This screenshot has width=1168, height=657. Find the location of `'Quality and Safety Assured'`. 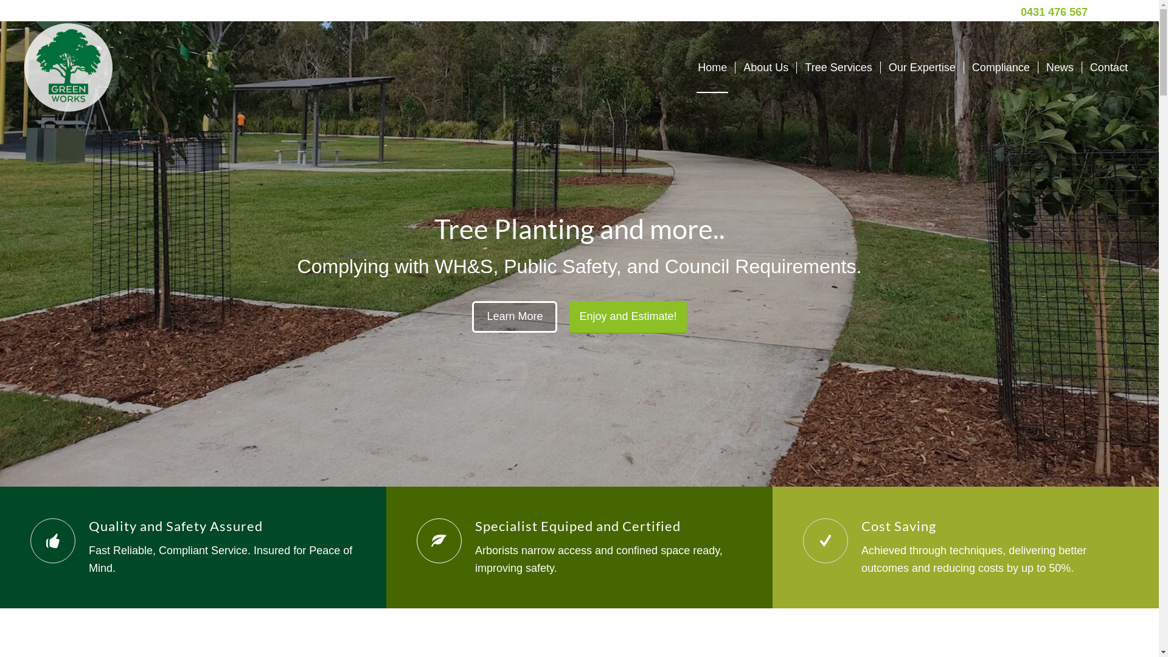

'Quality and Safety Assured' is located at coordinates (175, 525).